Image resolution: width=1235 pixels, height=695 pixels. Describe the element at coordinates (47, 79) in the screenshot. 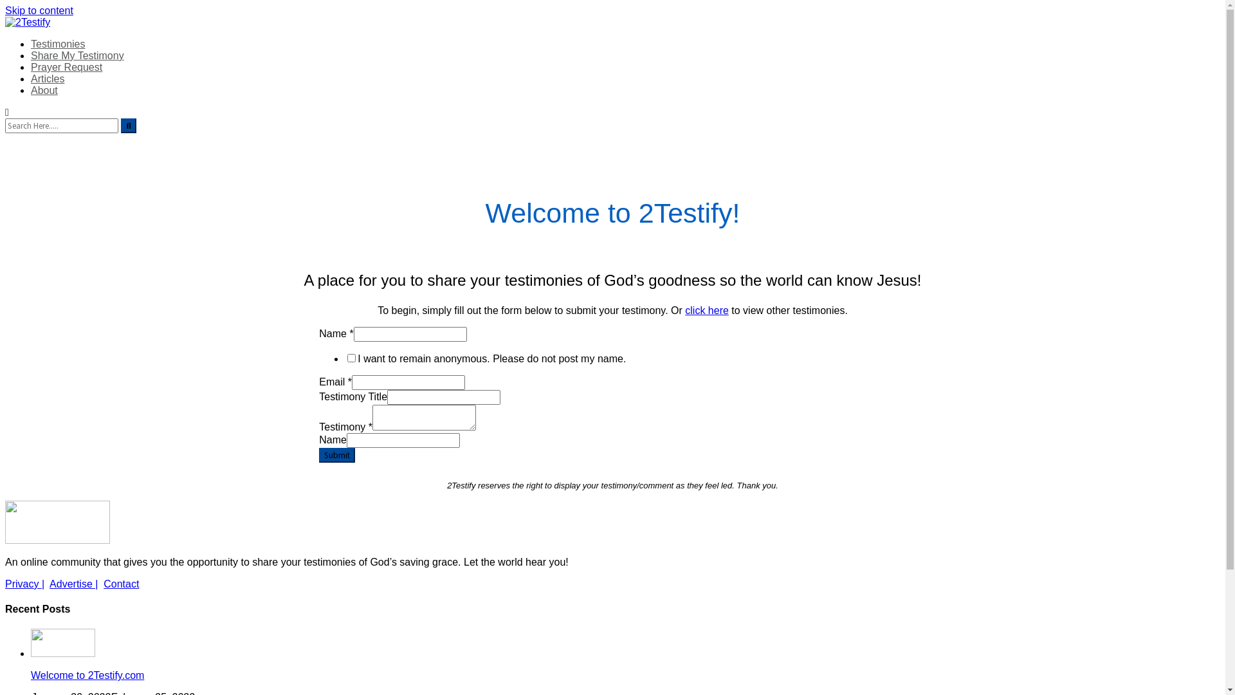

I see `'Articles'` at that location.